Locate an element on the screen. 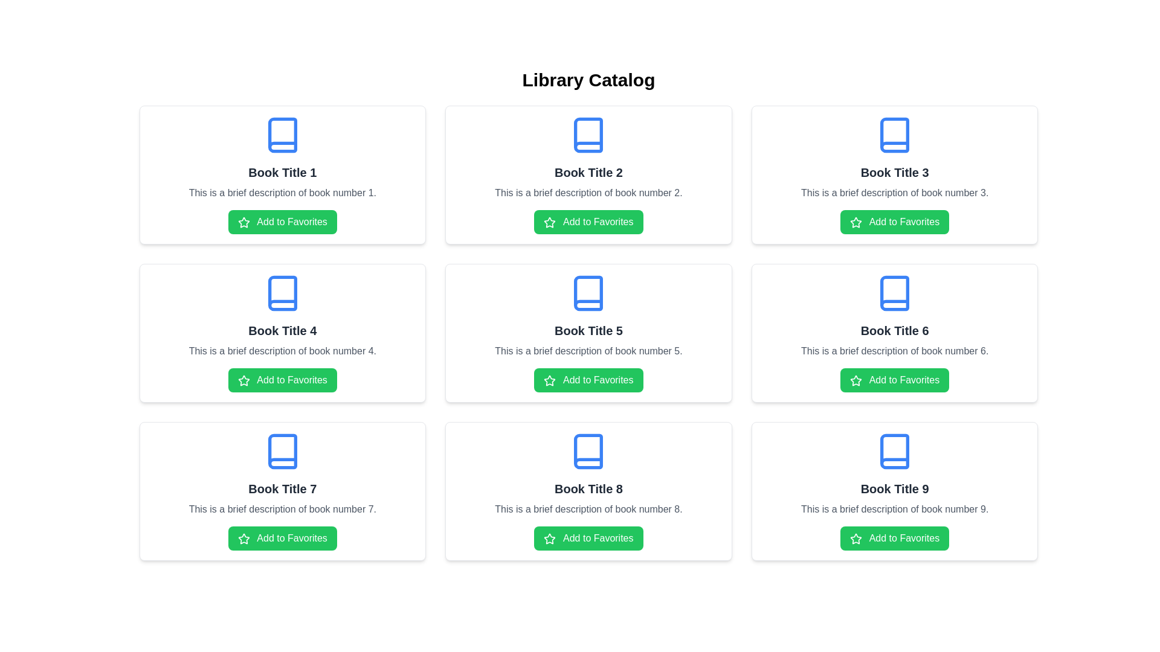 Image resolution: width=1160 pixels, height=652 pixels. the descriptive text element providing information about 'Book Title 8', which is located beneath the title and above the 'Add to Favorites' button is located at coordinates (588, 510).